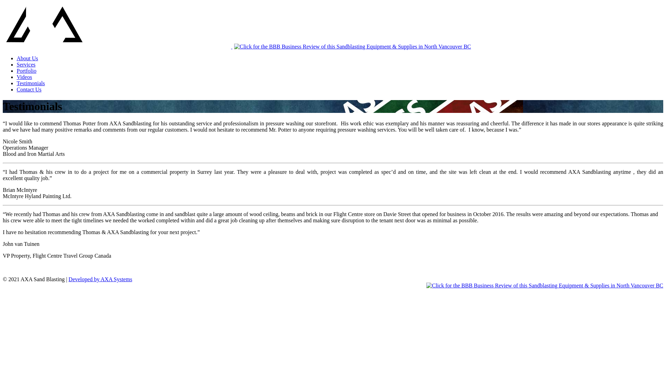  Describe the element at coordinates (27, 58) in the screenshot. I see `'About Us'` at that location.